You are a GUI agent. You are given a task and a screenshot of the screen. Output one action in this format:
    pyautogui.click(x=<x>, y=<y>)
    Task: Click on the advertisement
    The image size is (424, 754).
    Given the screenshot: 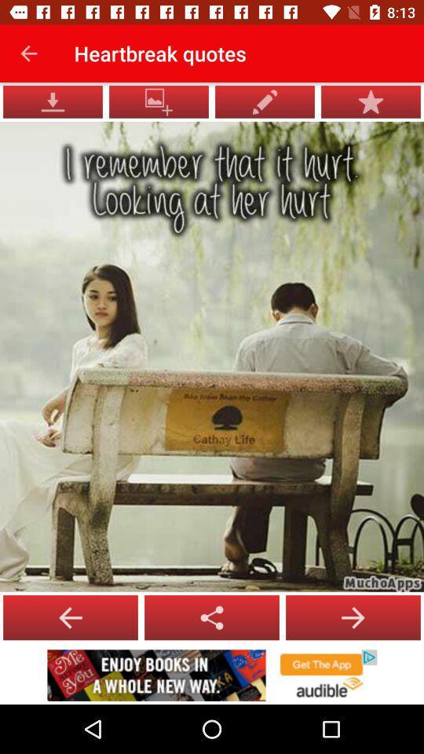 What is the action you would take?
    pyautogui.click(x=212, y=675)
    